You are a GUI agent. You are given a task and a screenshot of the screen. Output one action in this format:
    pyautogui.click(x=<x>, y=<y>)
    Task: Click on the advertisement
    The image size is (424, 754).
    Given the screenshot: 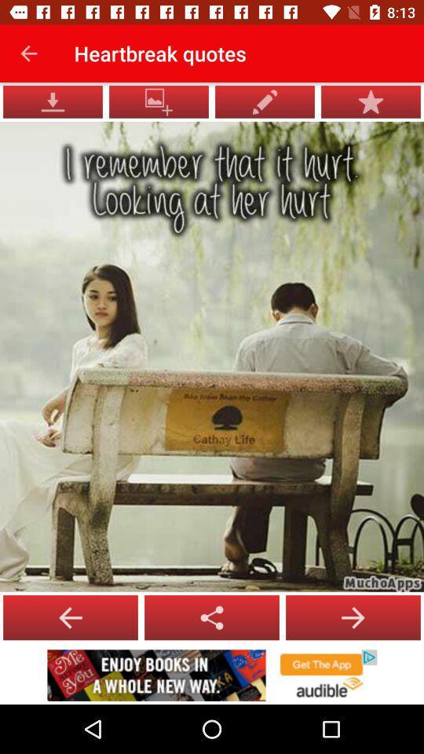 What is the action you would take?
    pyautogui.click(x=212, y=675)
    